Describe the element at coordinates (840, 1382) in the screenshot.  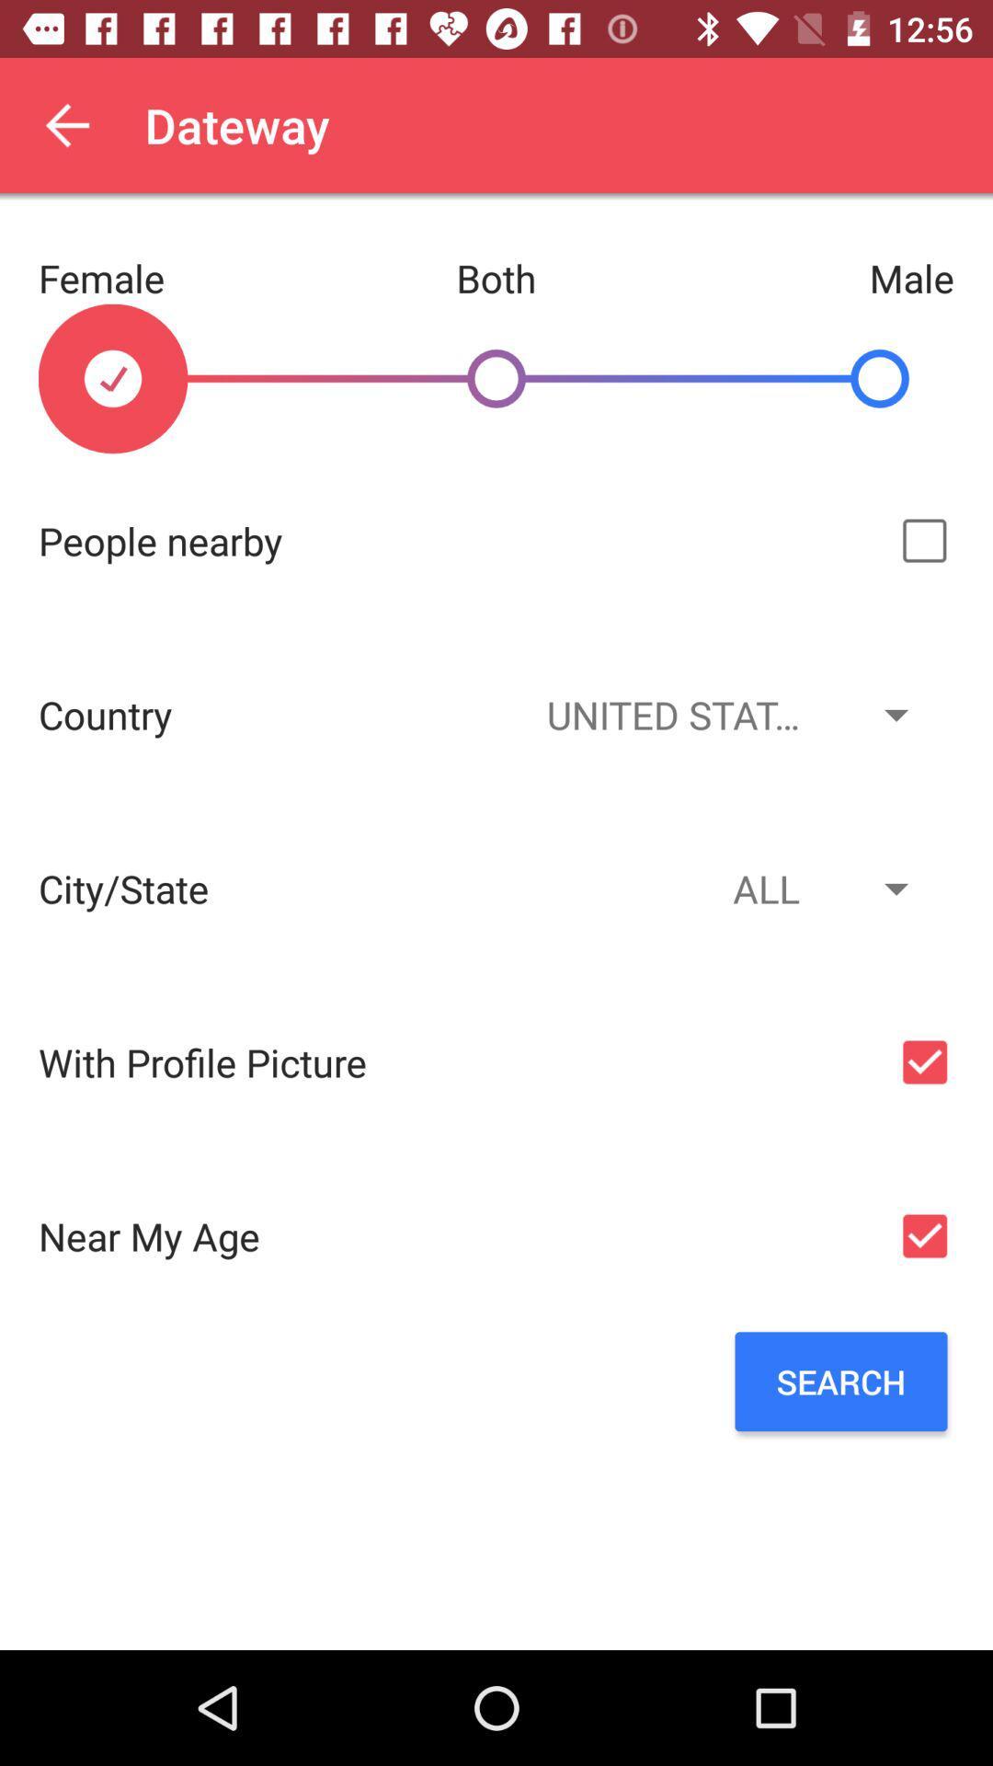
I see `the search item` at that location.